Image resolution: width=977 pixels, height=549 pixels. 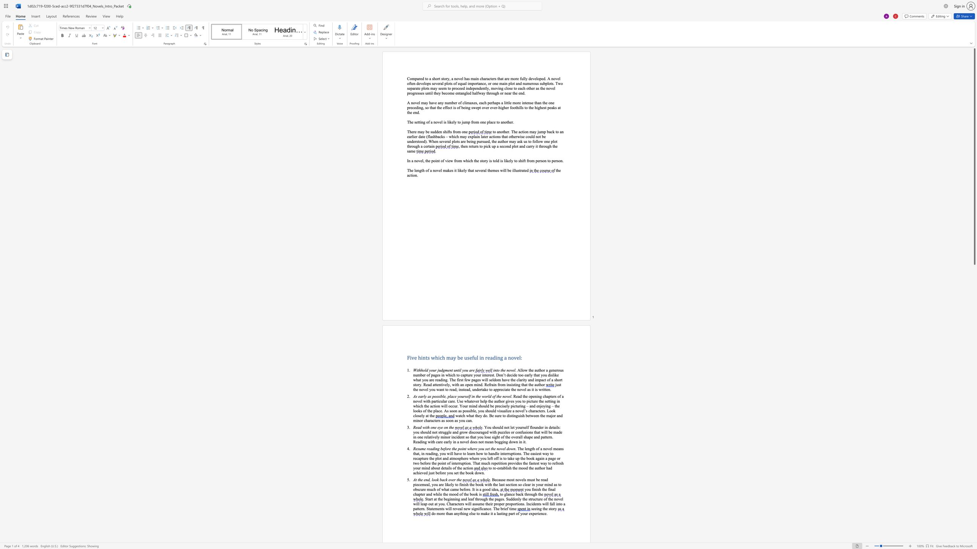 What do you see at coordinates (432, 448) in the screenshot?
I see `the space between the continuous character "a" and "d" in the text` at bounding box center [432, 448].